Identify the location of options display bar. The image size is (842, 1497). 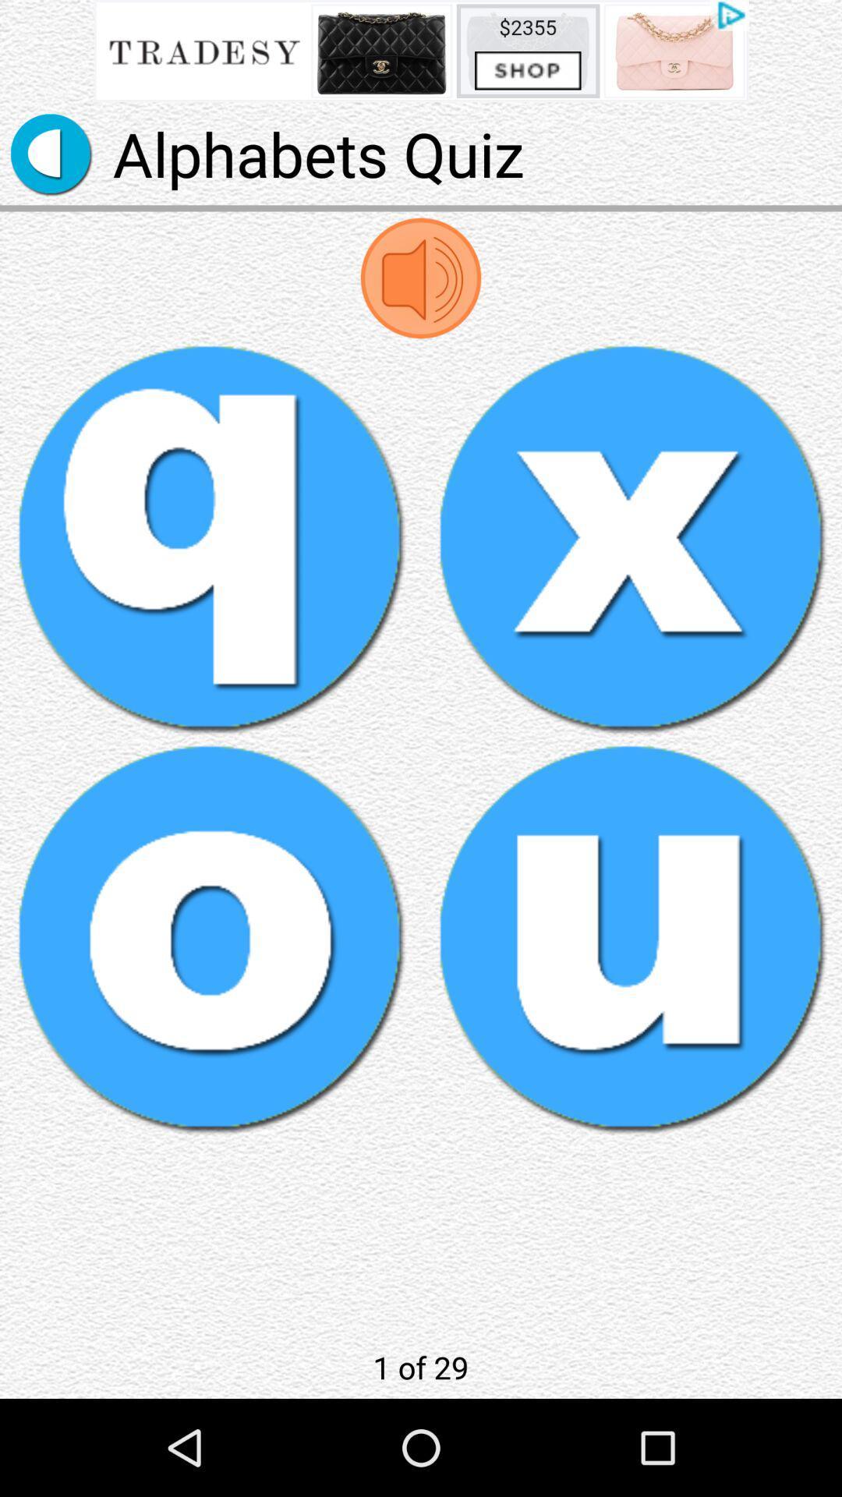
(421, 51).